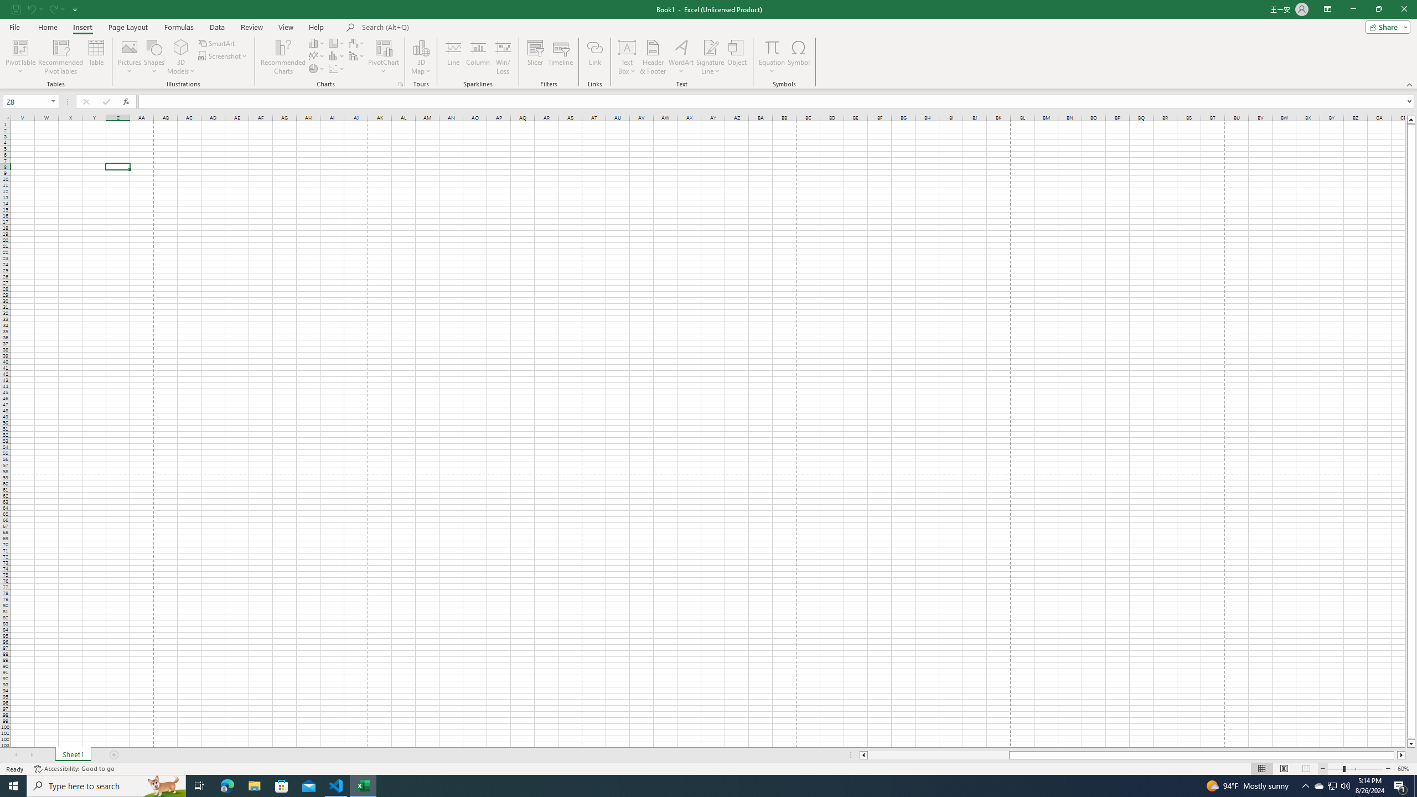  I want to click on 'Equation', so click(772, 46).